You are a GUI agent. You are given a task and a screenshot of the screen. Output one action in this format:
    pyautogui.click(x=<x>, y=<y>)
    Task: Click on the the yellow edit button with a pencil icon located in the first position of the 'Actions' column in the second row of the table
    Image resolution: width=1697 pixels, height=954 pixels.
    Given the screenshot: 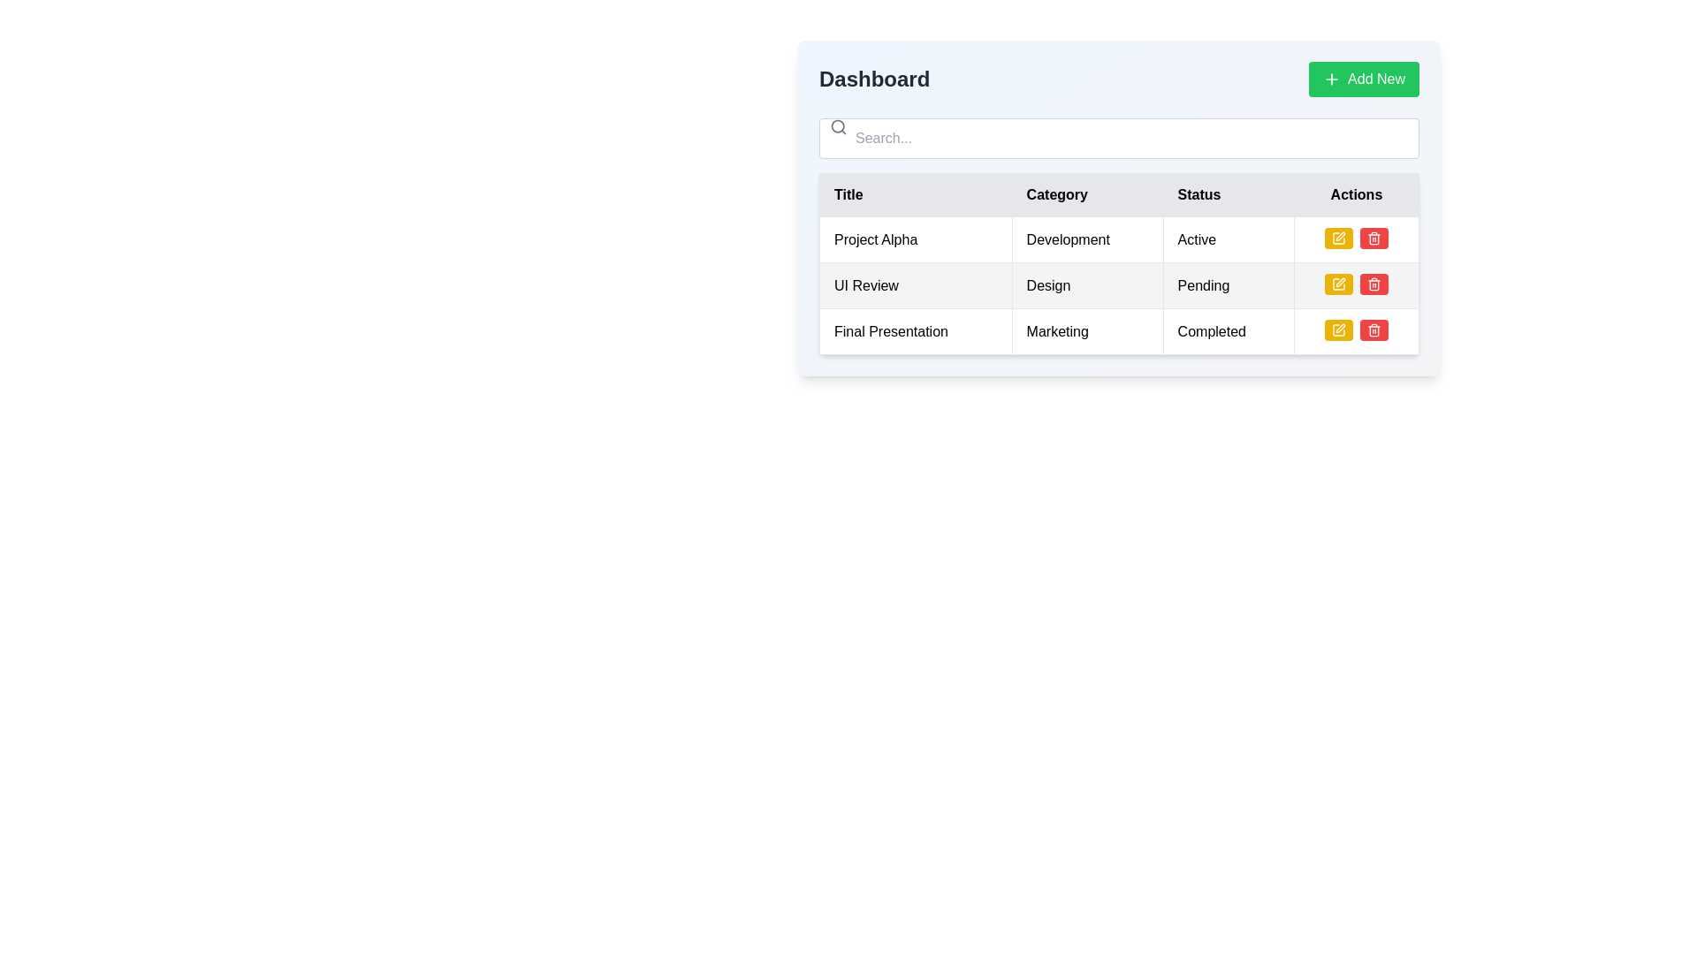 What is the action you would take?
    pyautogui.click(x=1338, y=283)
    